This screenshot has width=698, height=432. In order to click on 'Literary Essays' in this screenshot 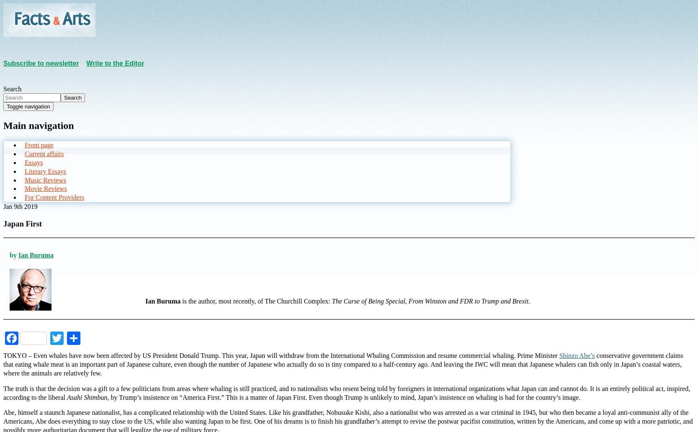, I will do `click(45, 170)`.